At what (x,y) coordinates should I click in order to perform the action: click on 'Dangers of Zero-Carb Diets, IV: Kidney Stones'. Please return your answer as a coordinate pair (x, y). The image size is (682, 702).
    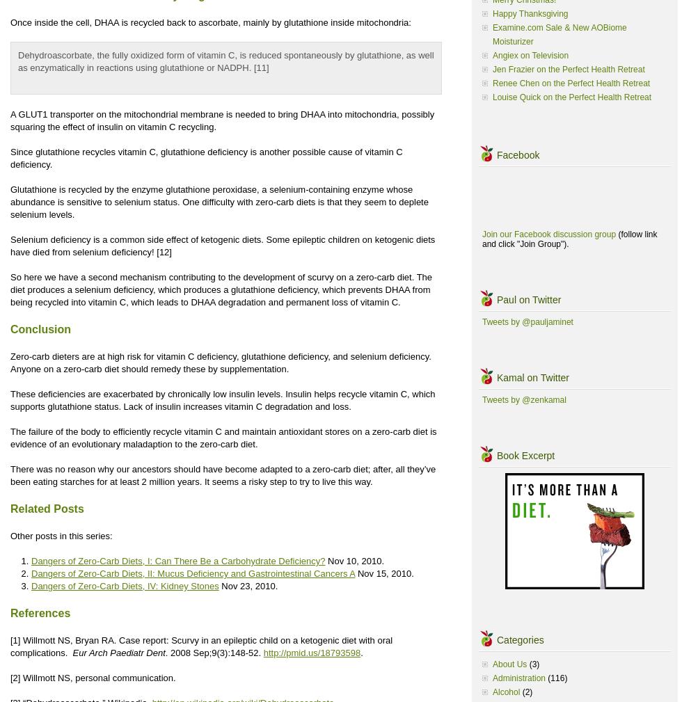
    Looking at the image, I should click on (31, 586).